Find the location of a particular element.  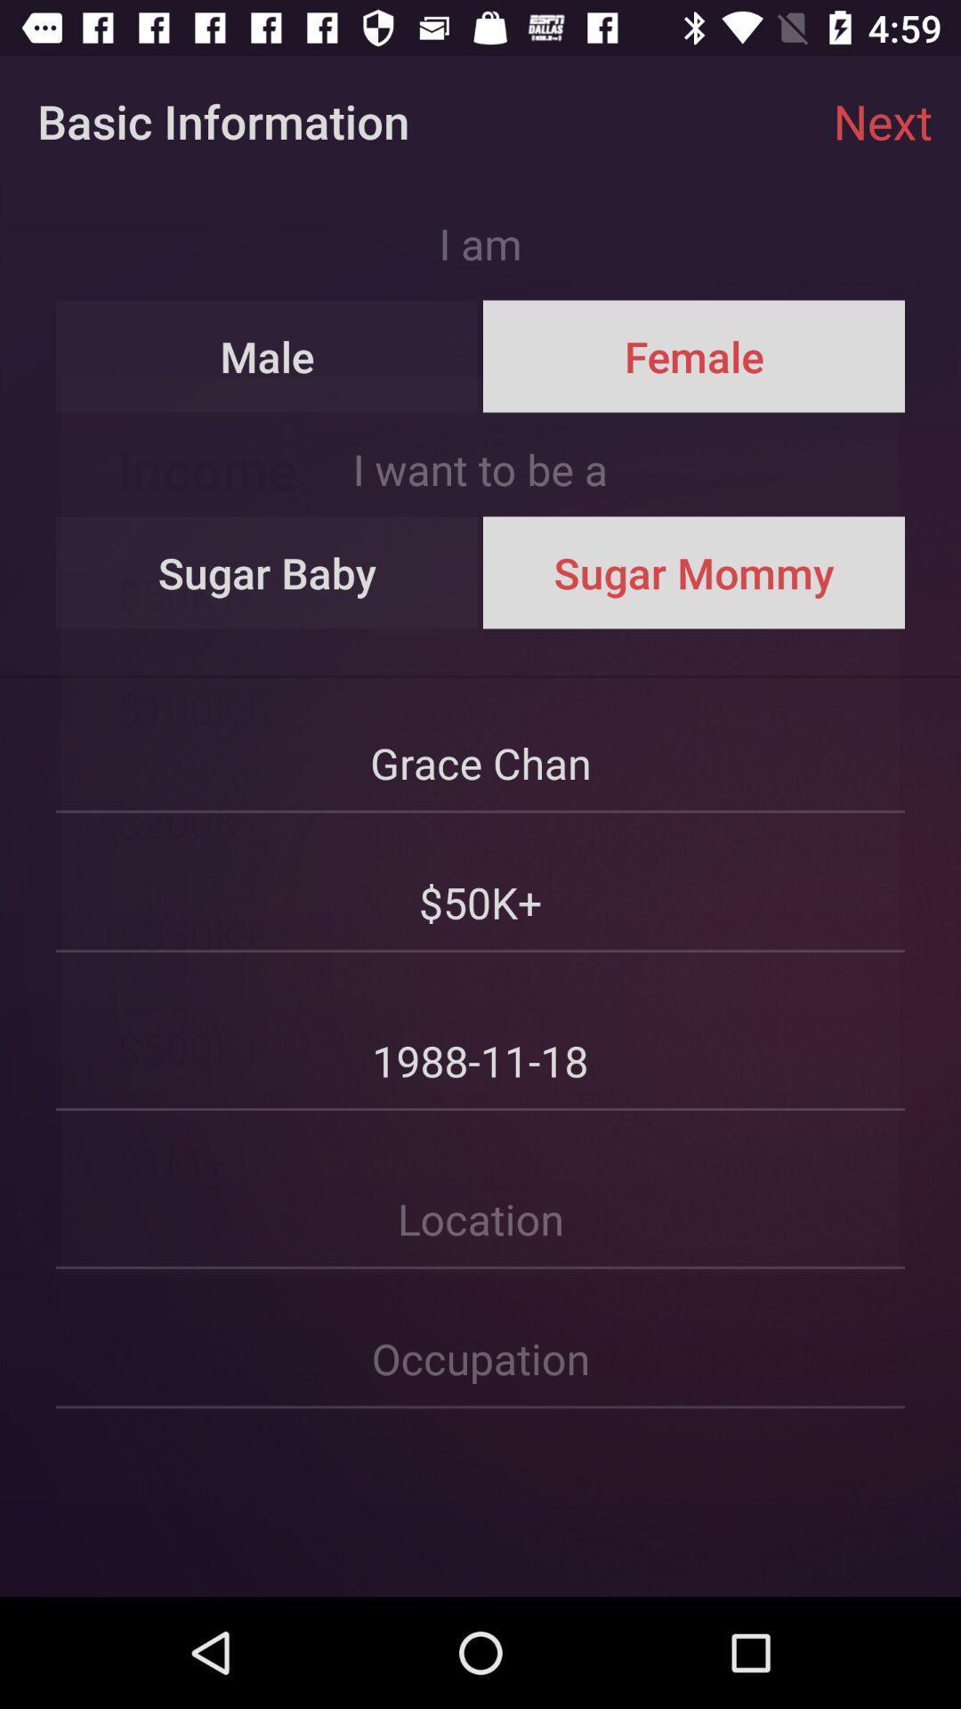

the icon below i am item is located at coordinates (267, 356).